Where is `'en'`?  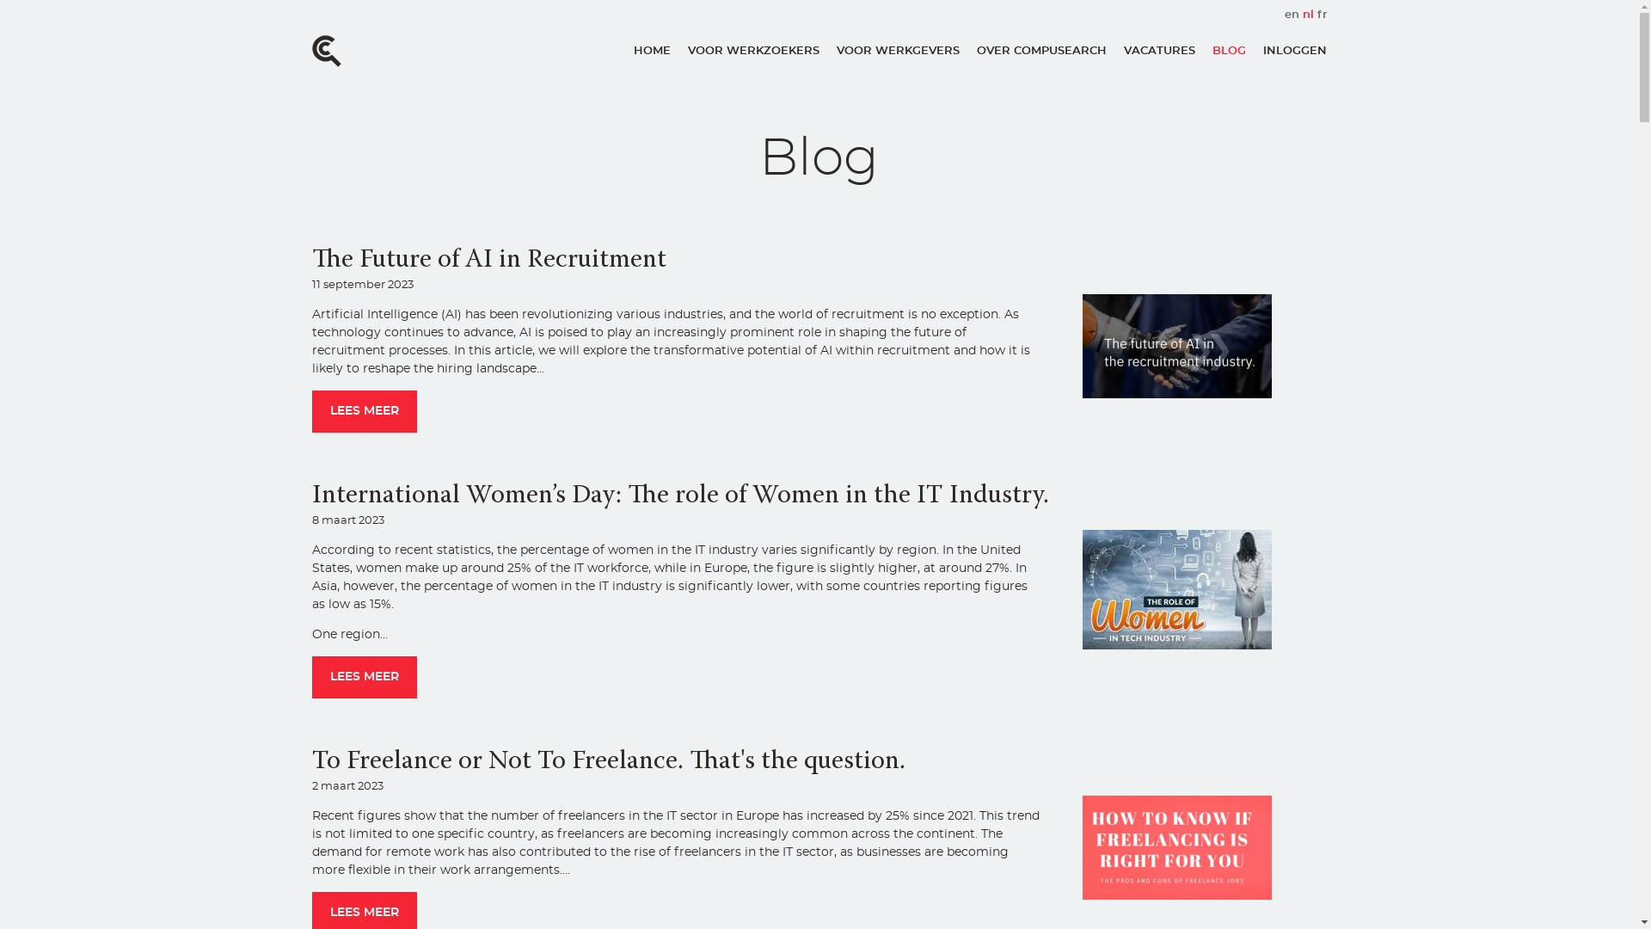 'en' is located at coordinates (1292, 14).